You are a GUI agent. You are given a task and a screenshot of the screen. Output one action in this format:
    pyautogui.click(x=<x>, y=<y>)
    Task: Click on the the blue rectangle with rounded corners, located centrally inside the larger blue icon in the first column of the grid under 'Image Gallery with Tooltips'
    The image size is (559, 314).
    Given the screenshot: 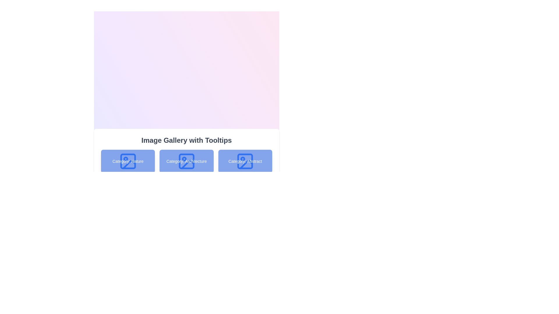 What is the action you would take?
    pyautogui.click(x=128, y=161)
    